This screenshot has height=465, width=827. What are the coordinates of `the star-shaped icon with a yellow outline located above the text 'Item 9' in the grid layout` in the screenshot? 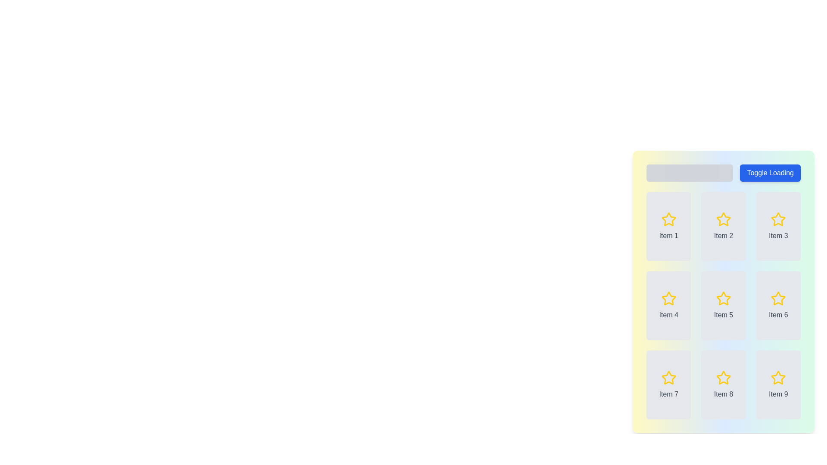 It's located at (778, 378).